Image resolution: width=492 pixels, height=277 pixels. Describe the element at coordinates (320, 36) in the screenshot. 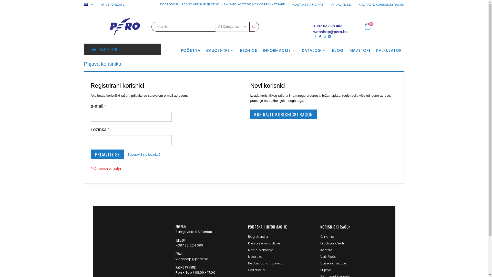

I see `'Twitter'` at that location.